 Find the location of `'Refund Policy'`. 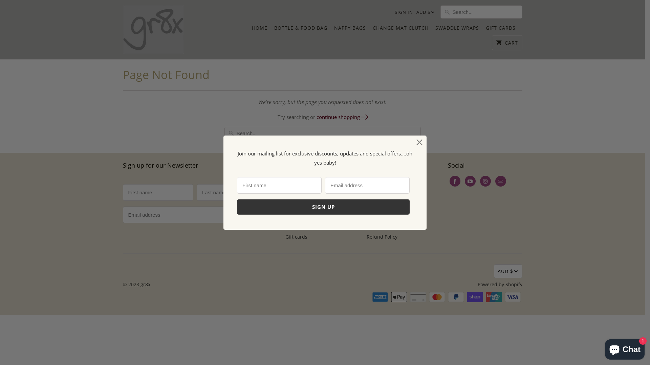

'Refund Policy' is located at coordinates (366, 236).